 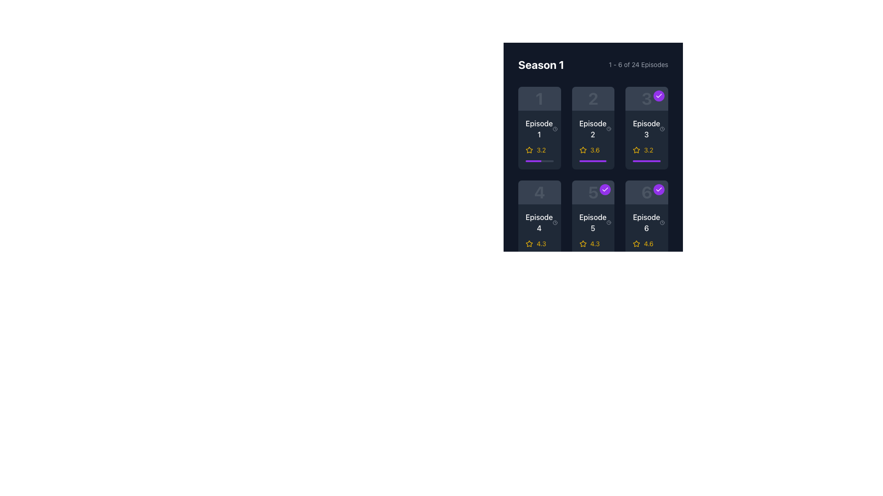 I want to click on the progress bar located beneath the 'Episode 5' label and its rating ('4.3'), positioned at the bottom center of the card for Episode 5 in the second row of the grid layout, so click(x=593, y=255).